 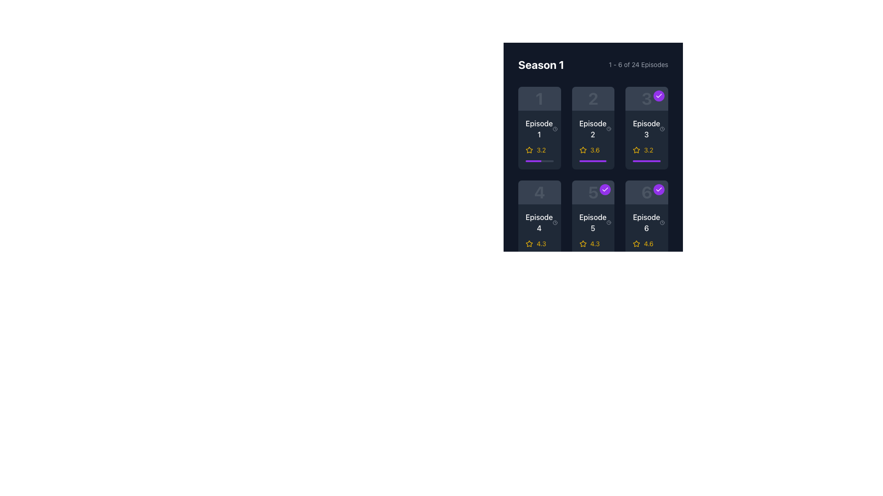 I want to click on the progress bar located beneath the 'Episode 5' label and its rating ('4.3'), positioned at the bottom center of the card for Episode 5 in the second row of the grid layout, so click(x=593, y=255).